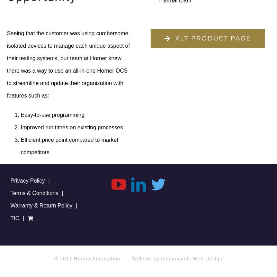 The height and width of the screenshot is (277, 277). Describe the element at coordinates (140, 258) in the screenshot. I see `'|   Website by'` at that location.